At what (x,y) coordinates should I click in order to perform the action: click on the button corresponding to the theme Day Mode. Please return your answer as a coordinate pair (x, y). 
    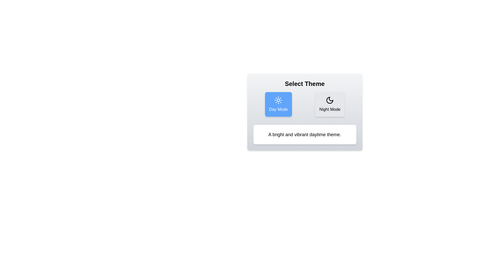
    Looking at the image, I should click on (278, 104).